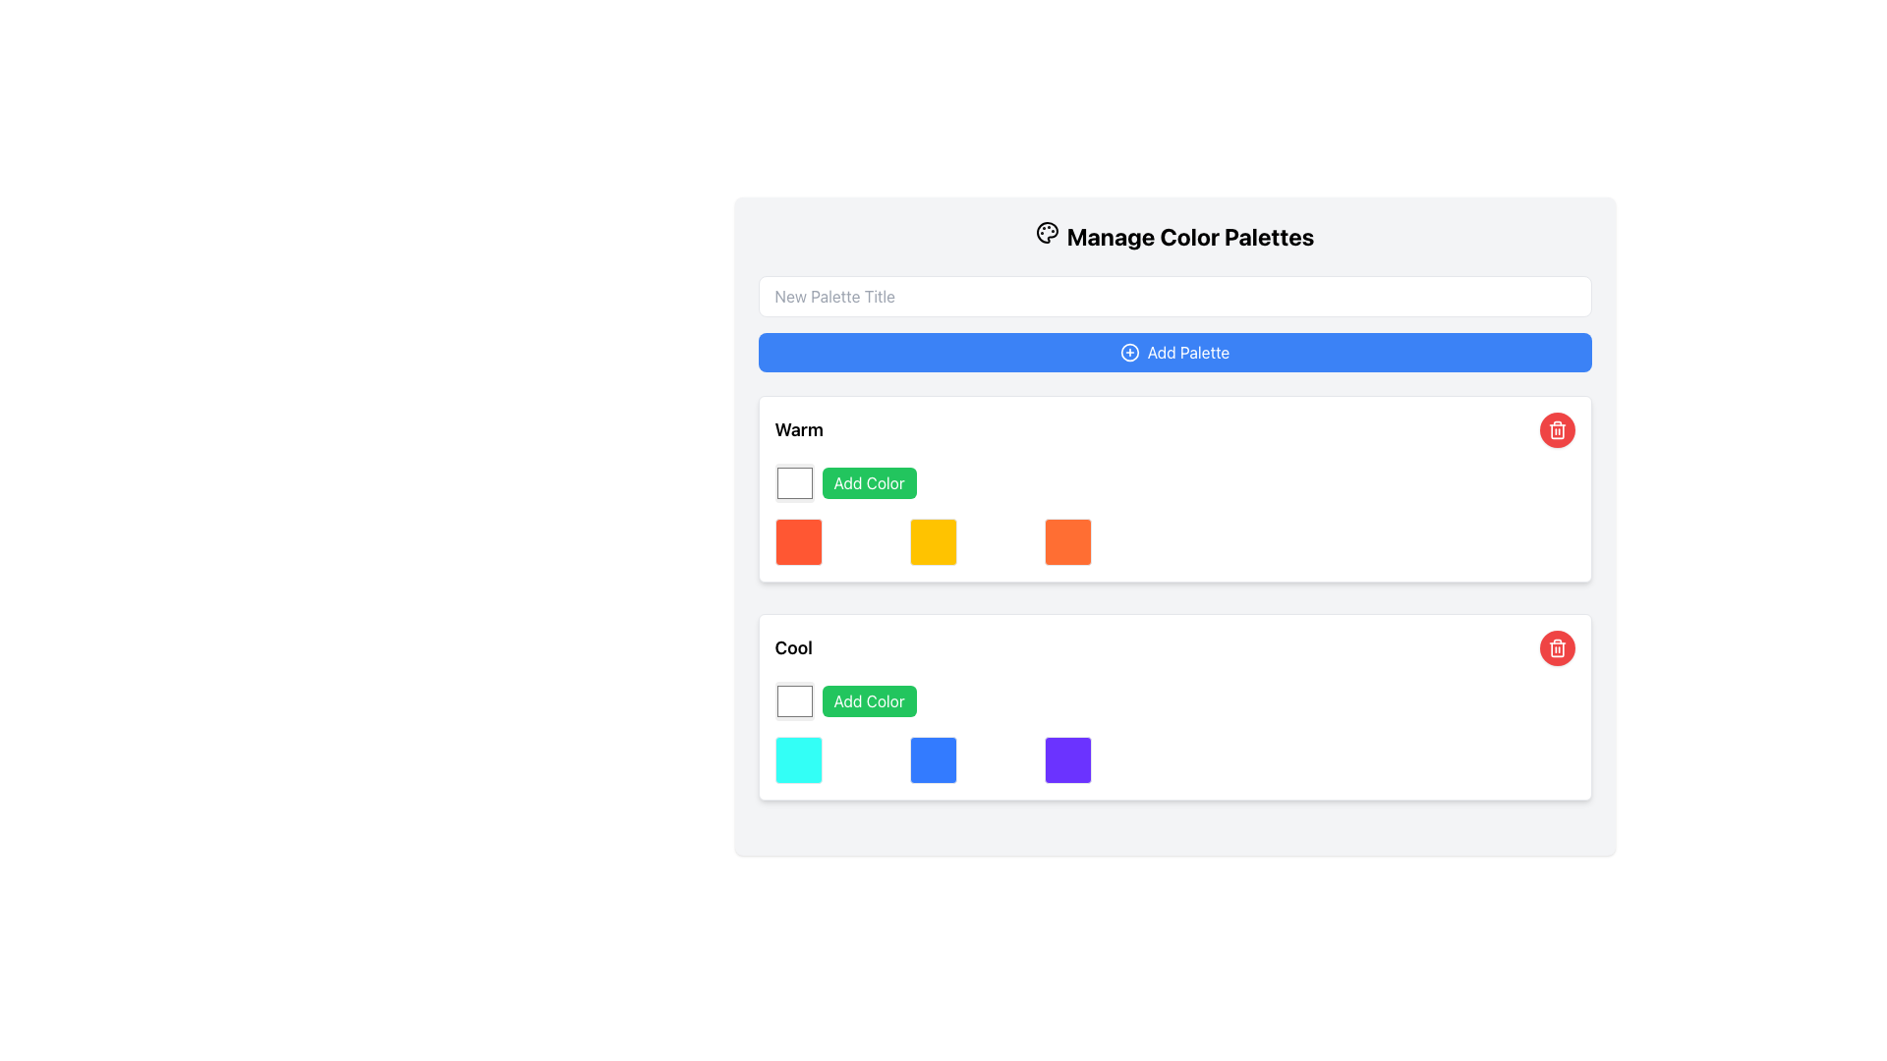  I want to click on the first square color tile in the 'Cool' color palette section, so click(798, 759).